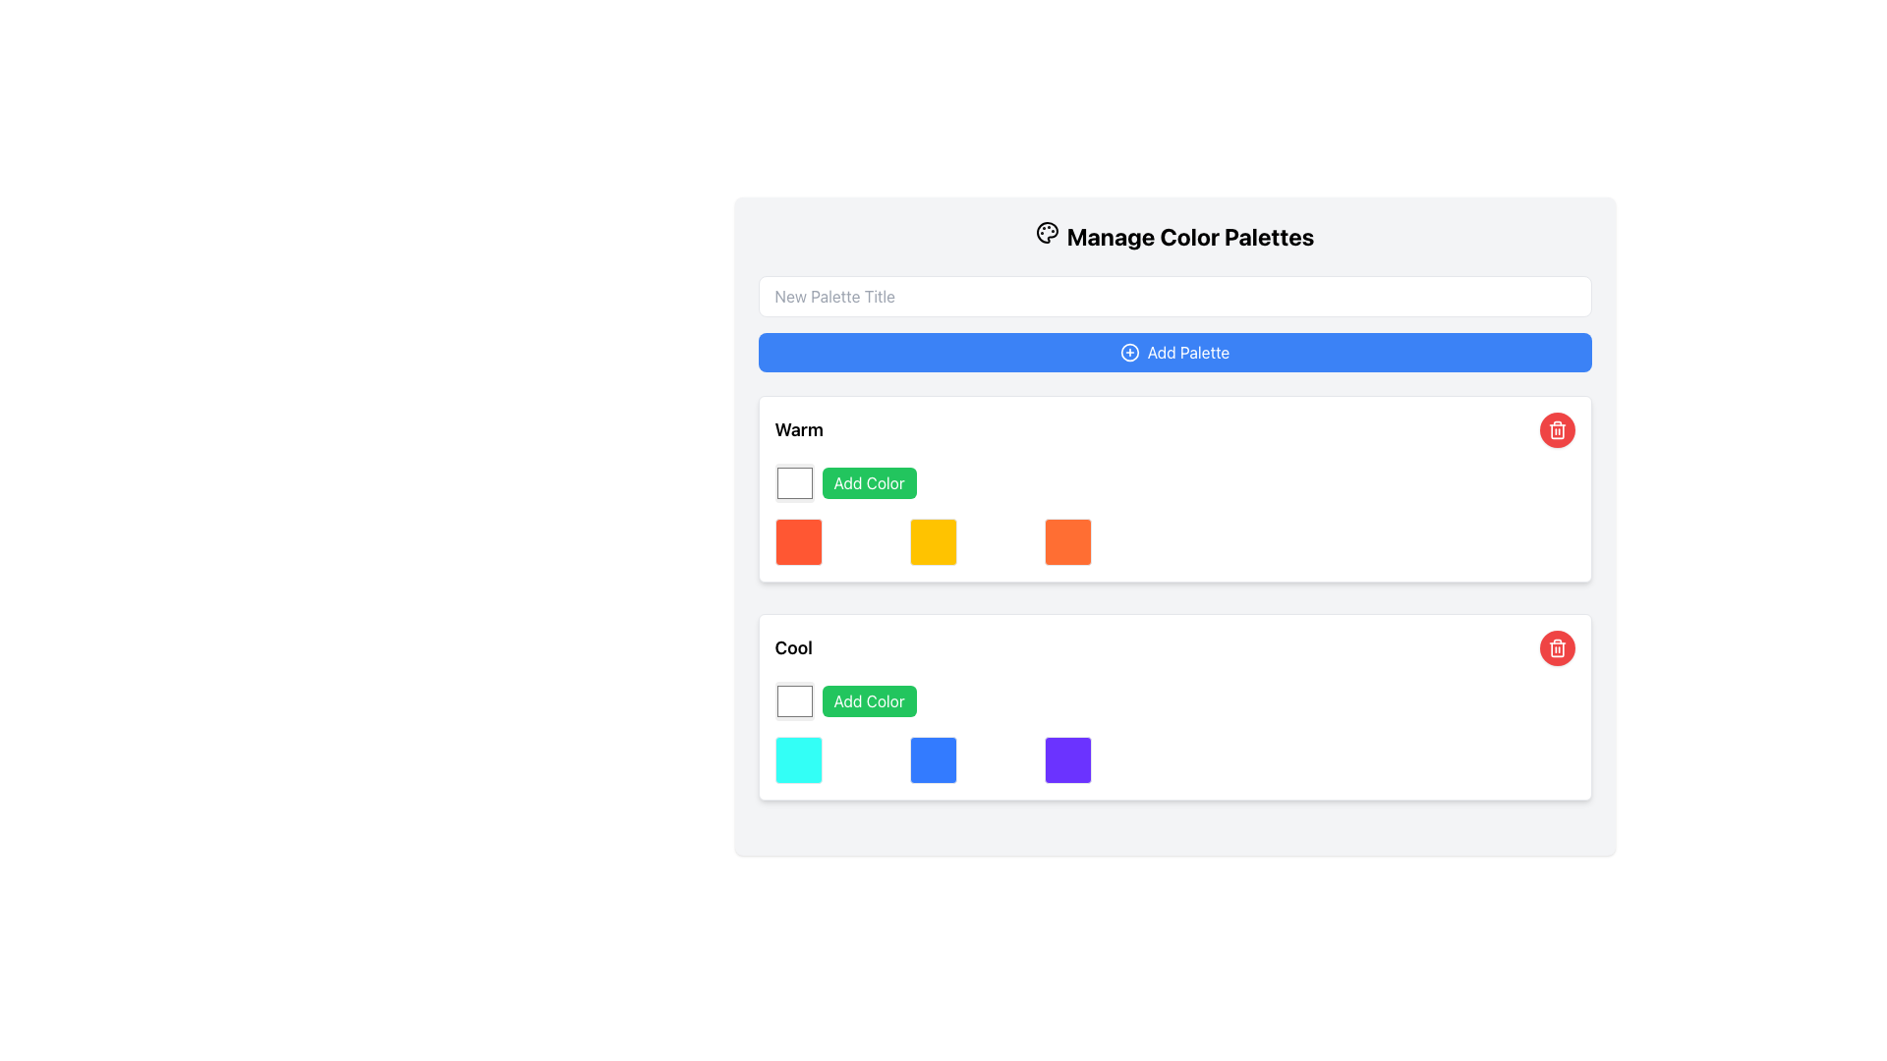  I want to click on the first square color tile in the 'Cool' color palette section, so click(798, 759).